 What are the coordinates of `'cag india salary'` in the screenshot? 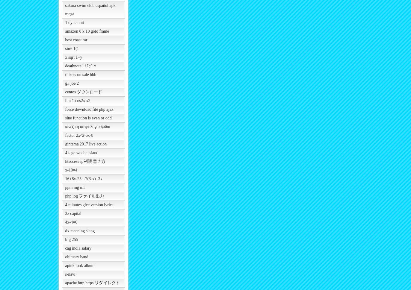 It's located at (78, 248).